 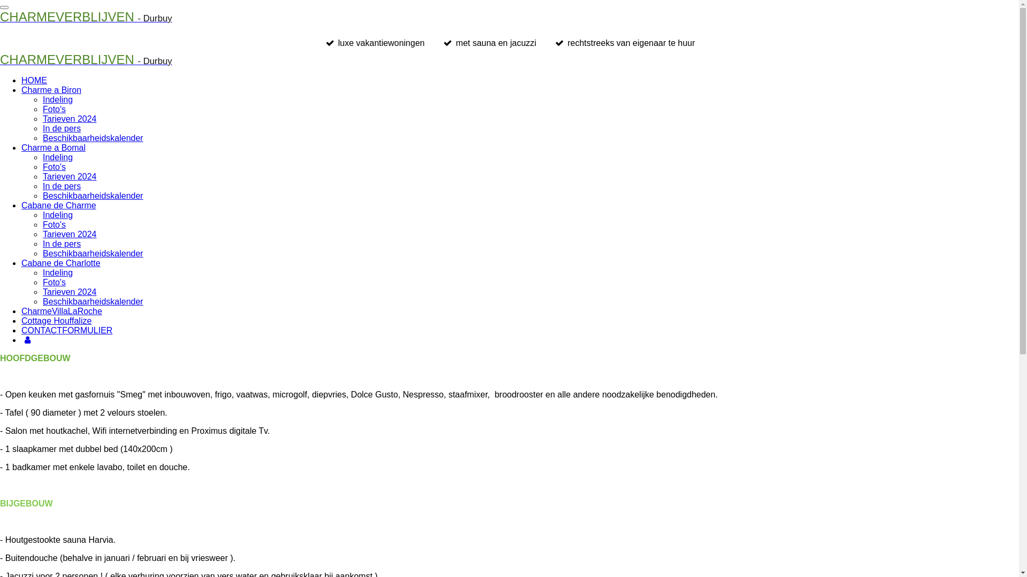 I want to click on 'Foto's', so click(x=53, y=109).